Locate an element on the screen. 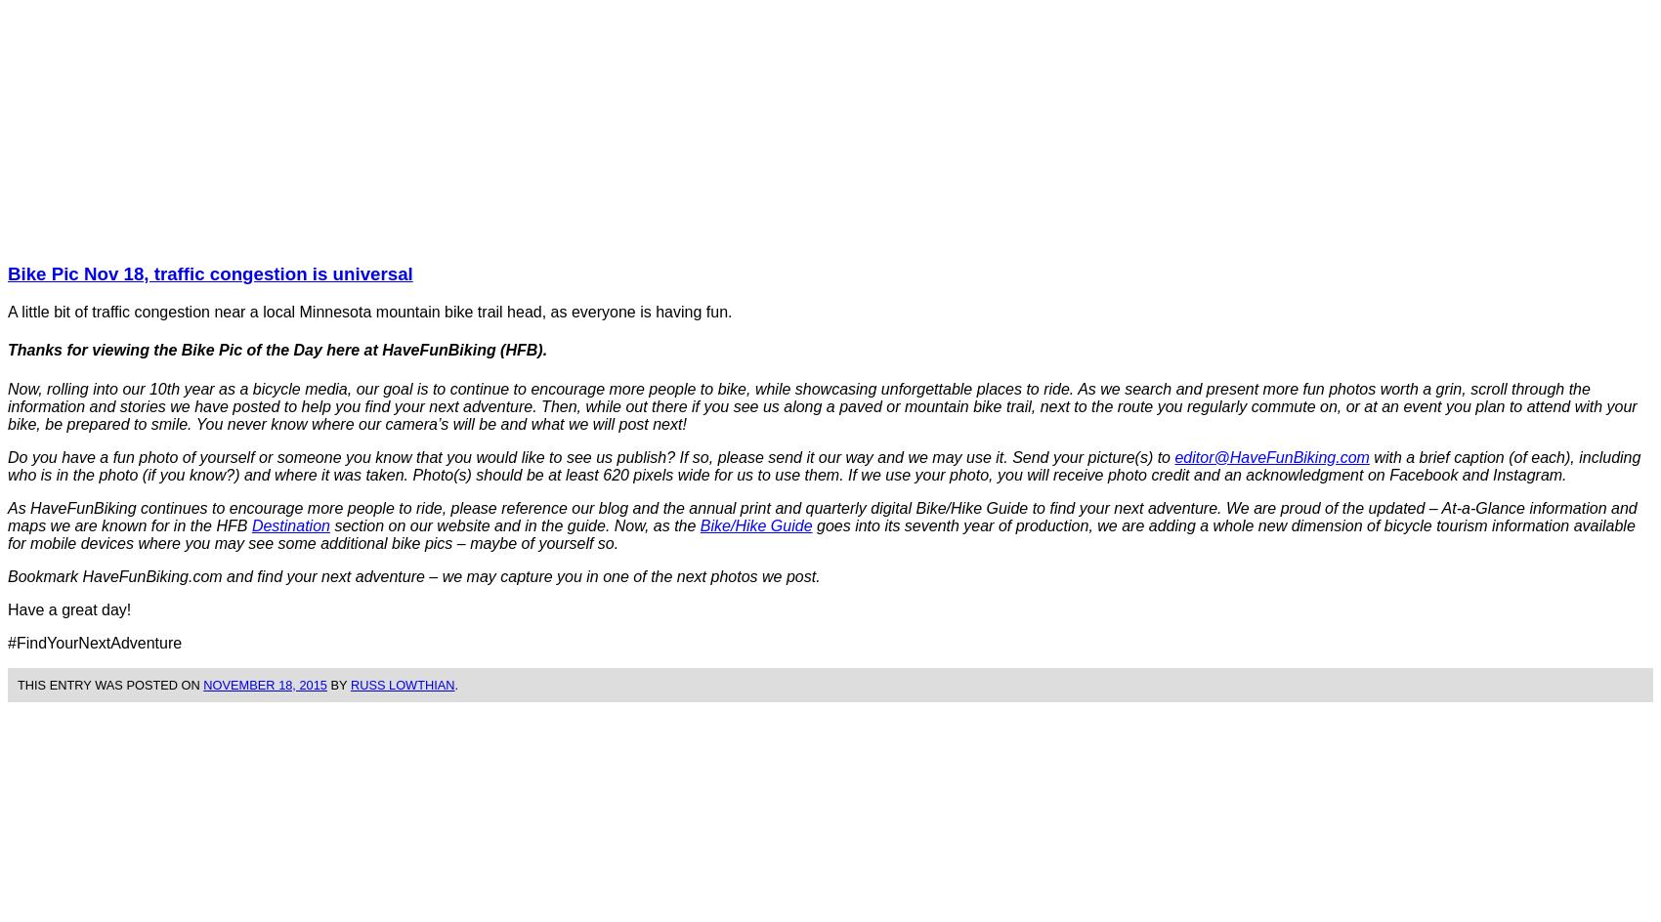 The width and height of the screenshot is (1661, 922). 'by' is located at coordinates (336, 683).